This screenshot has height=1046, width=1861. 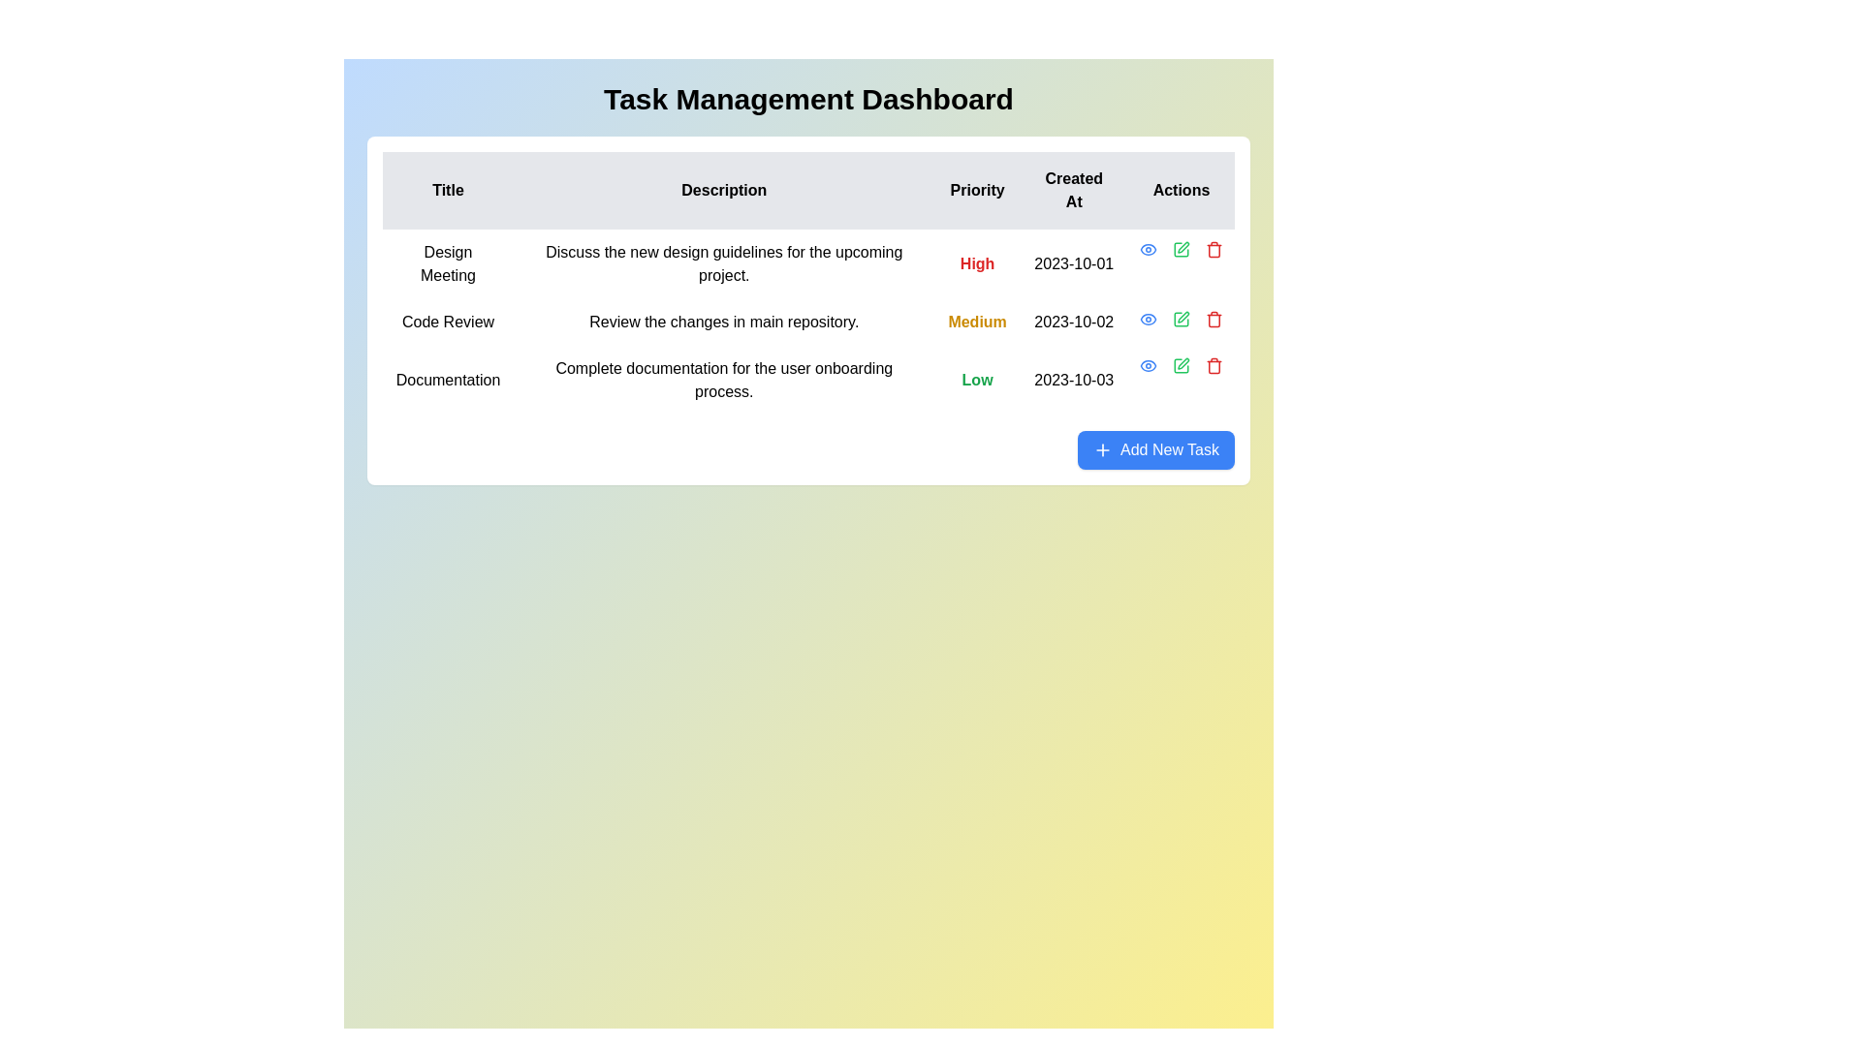 What do you see at coordinates (1213, 249) in the screenshot?
I see `the third action icon in the 'Actions' column` at bounding box center [1213, 249].